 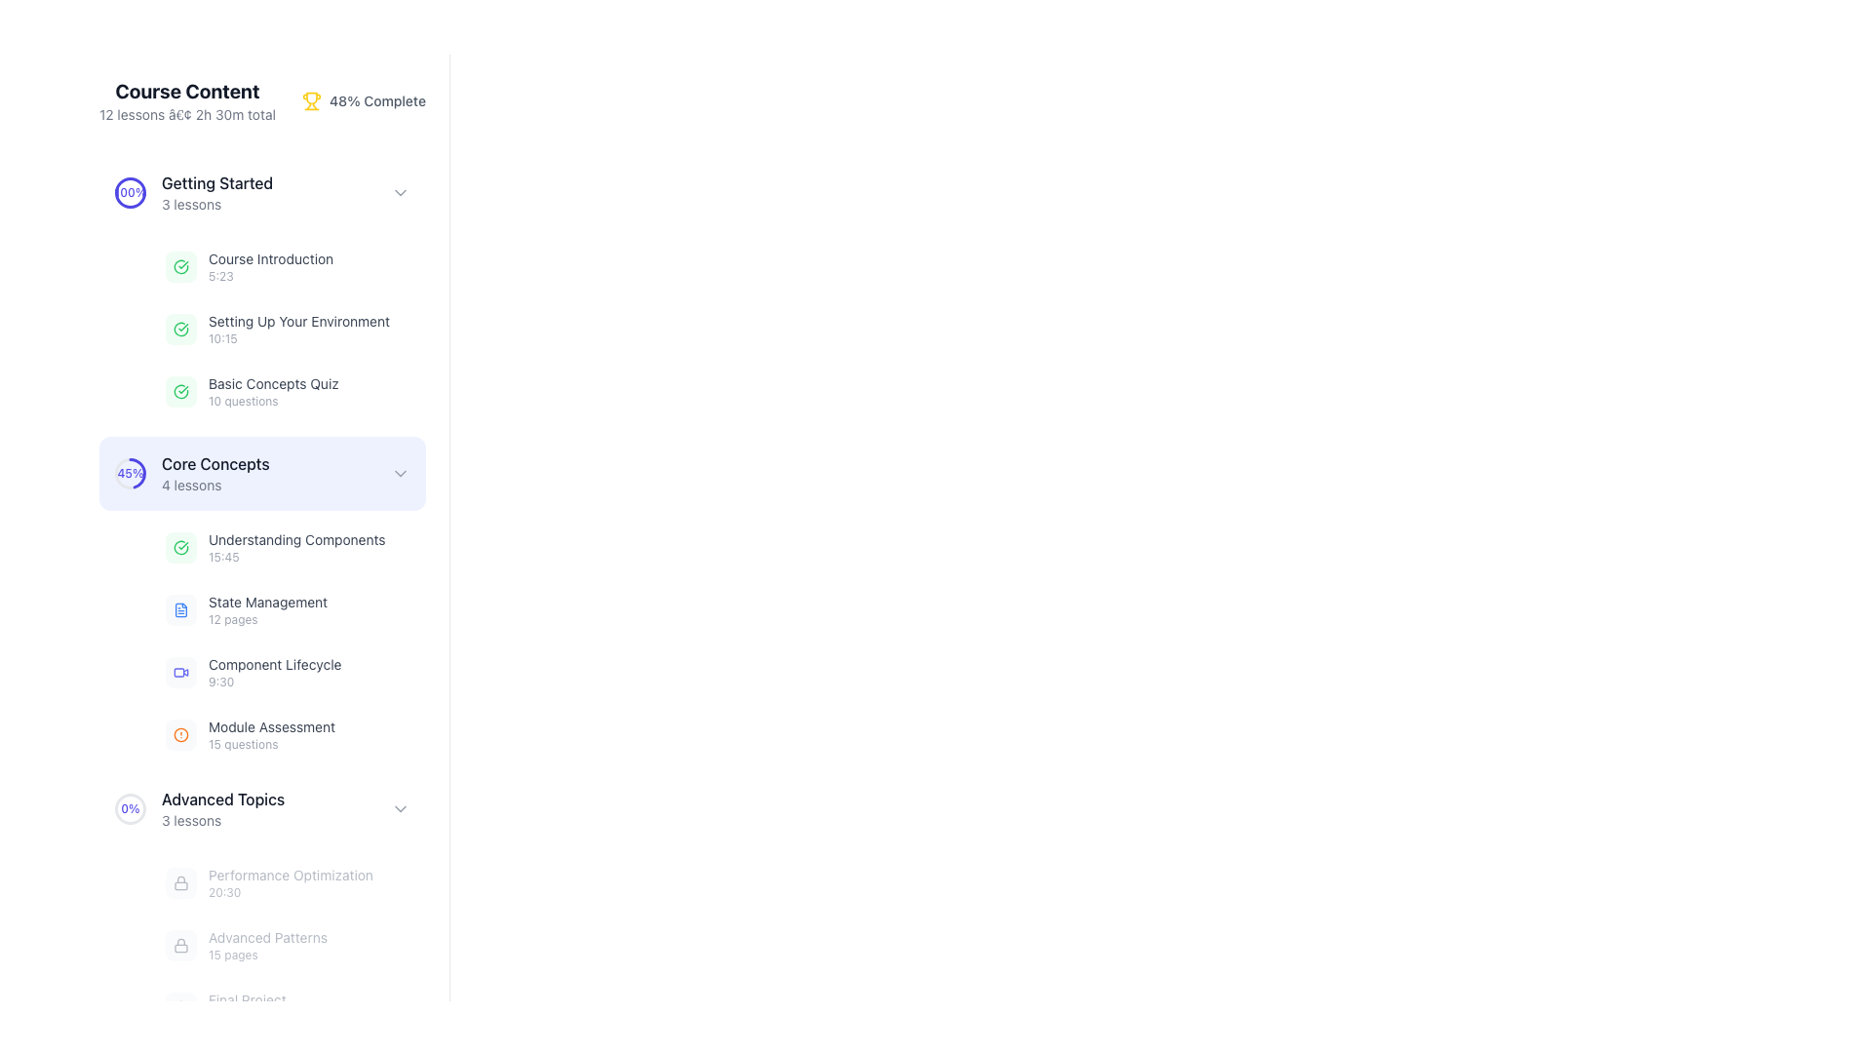 I want to click on the list item titled 'Setting Up Your Environment' located in the 'Getting Started' section, which is the second item in the list of course lessons, so click(x=276, y=329).